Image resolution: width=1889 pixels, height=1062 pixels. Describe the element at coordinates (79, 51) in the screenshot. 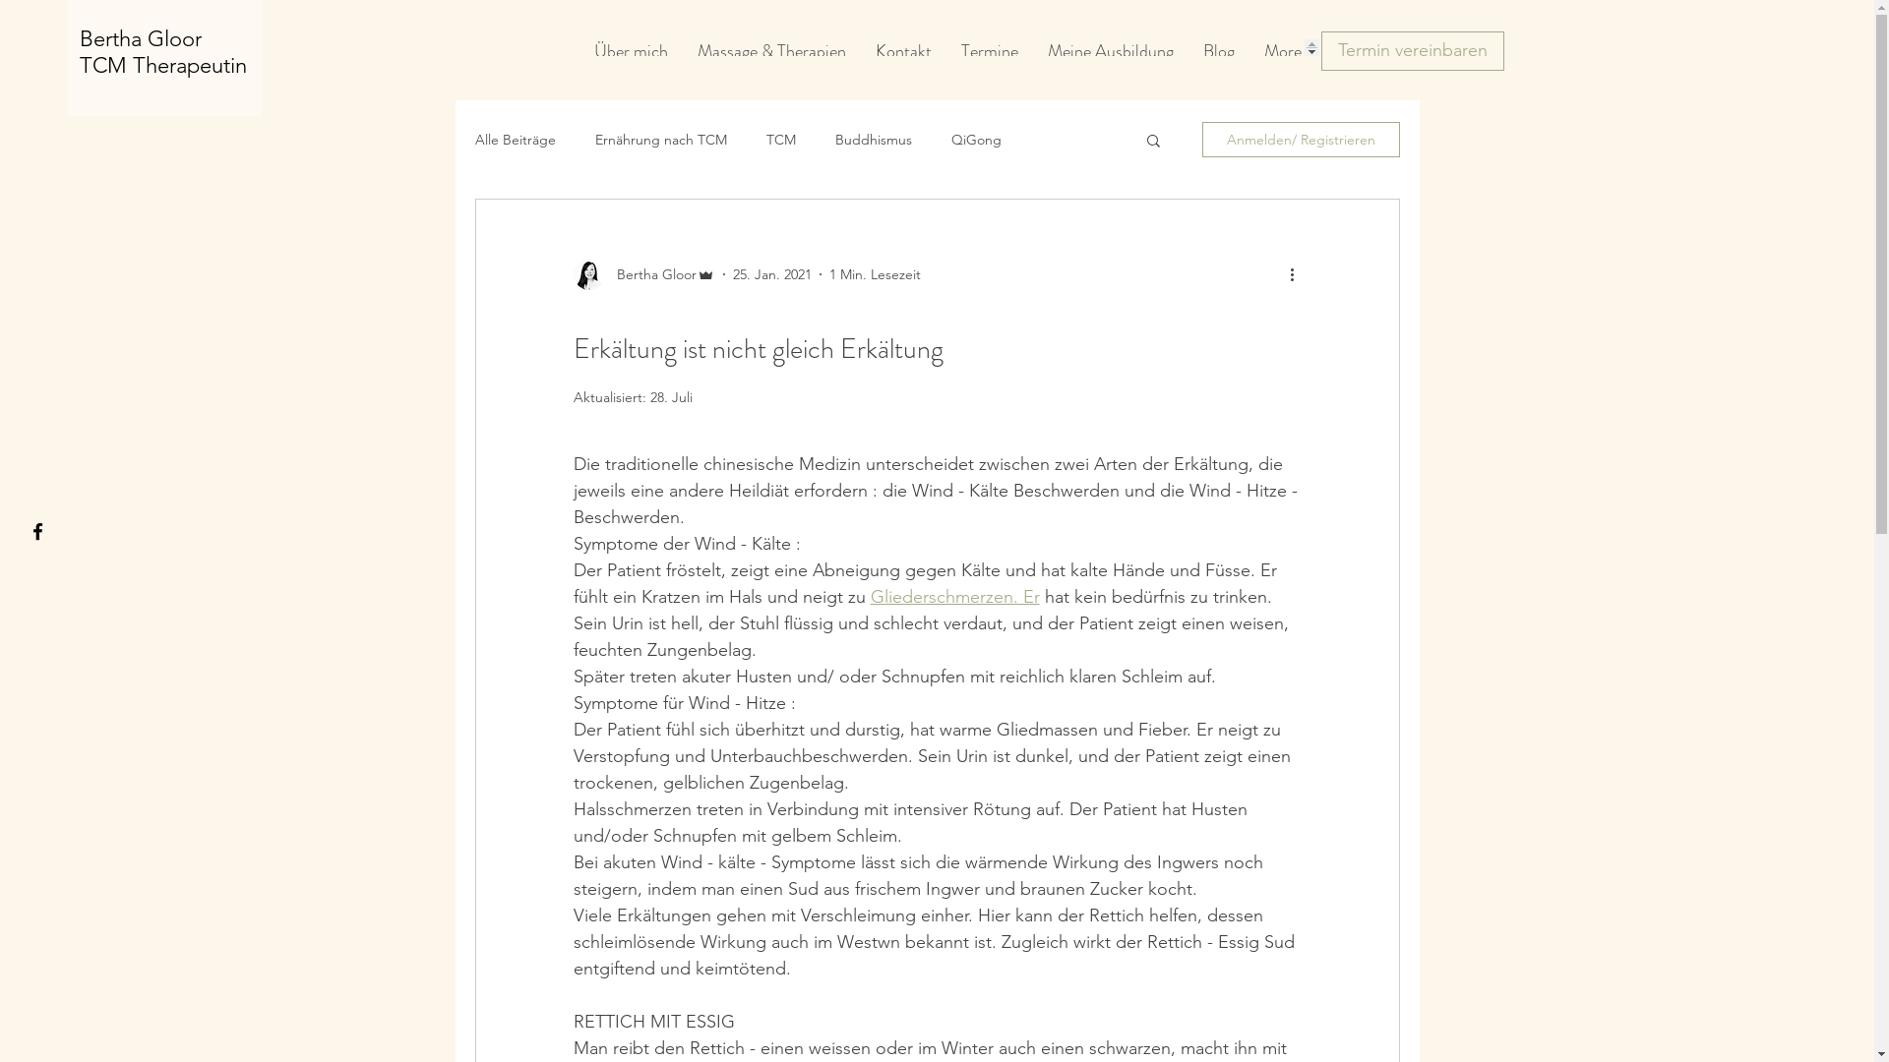

I see `'Bertha Gloor` at that location.